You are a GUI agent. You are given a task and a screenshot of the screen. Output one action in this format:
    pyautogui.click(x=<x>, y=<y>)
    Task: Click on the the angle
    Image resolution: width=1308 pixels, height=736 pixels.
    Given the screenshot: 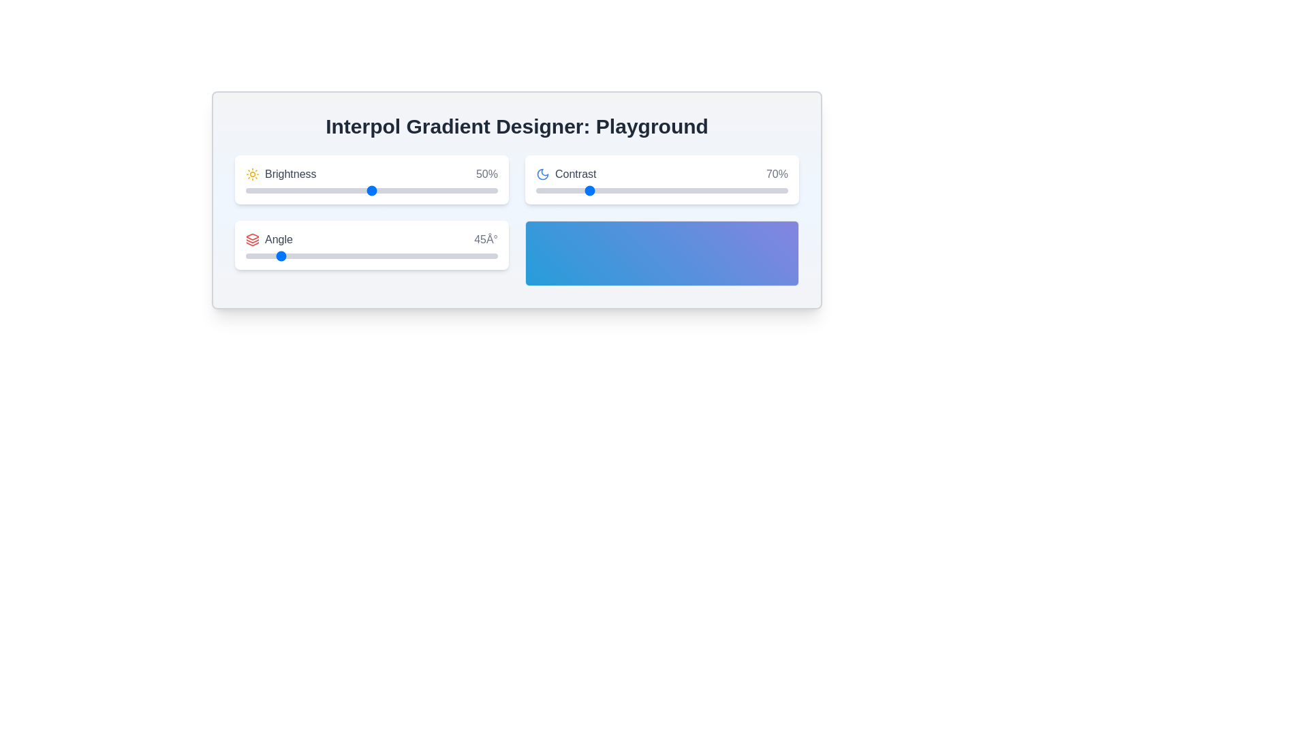 What is the action you would take?
    pyautogui.click(x=324, y=256)
    